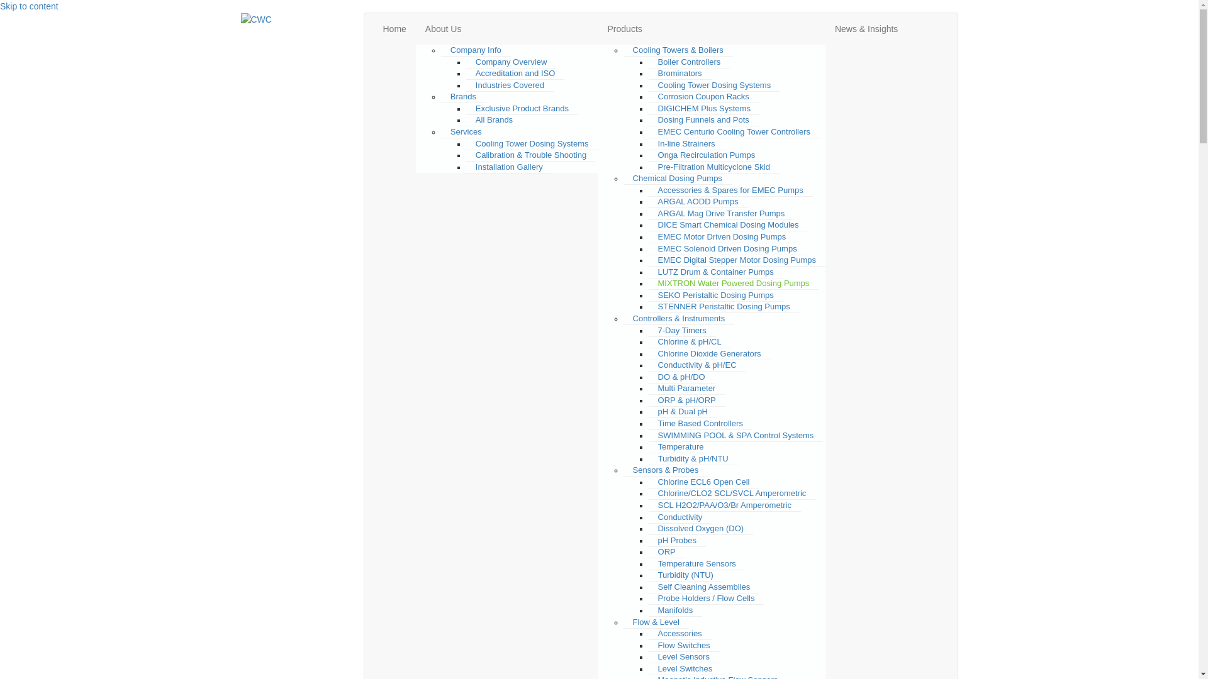 The image size is (1208, 679). Describe the element at coordinates (682, 412) in the screenshot. I see `'pH & Dual pH'` at that location.